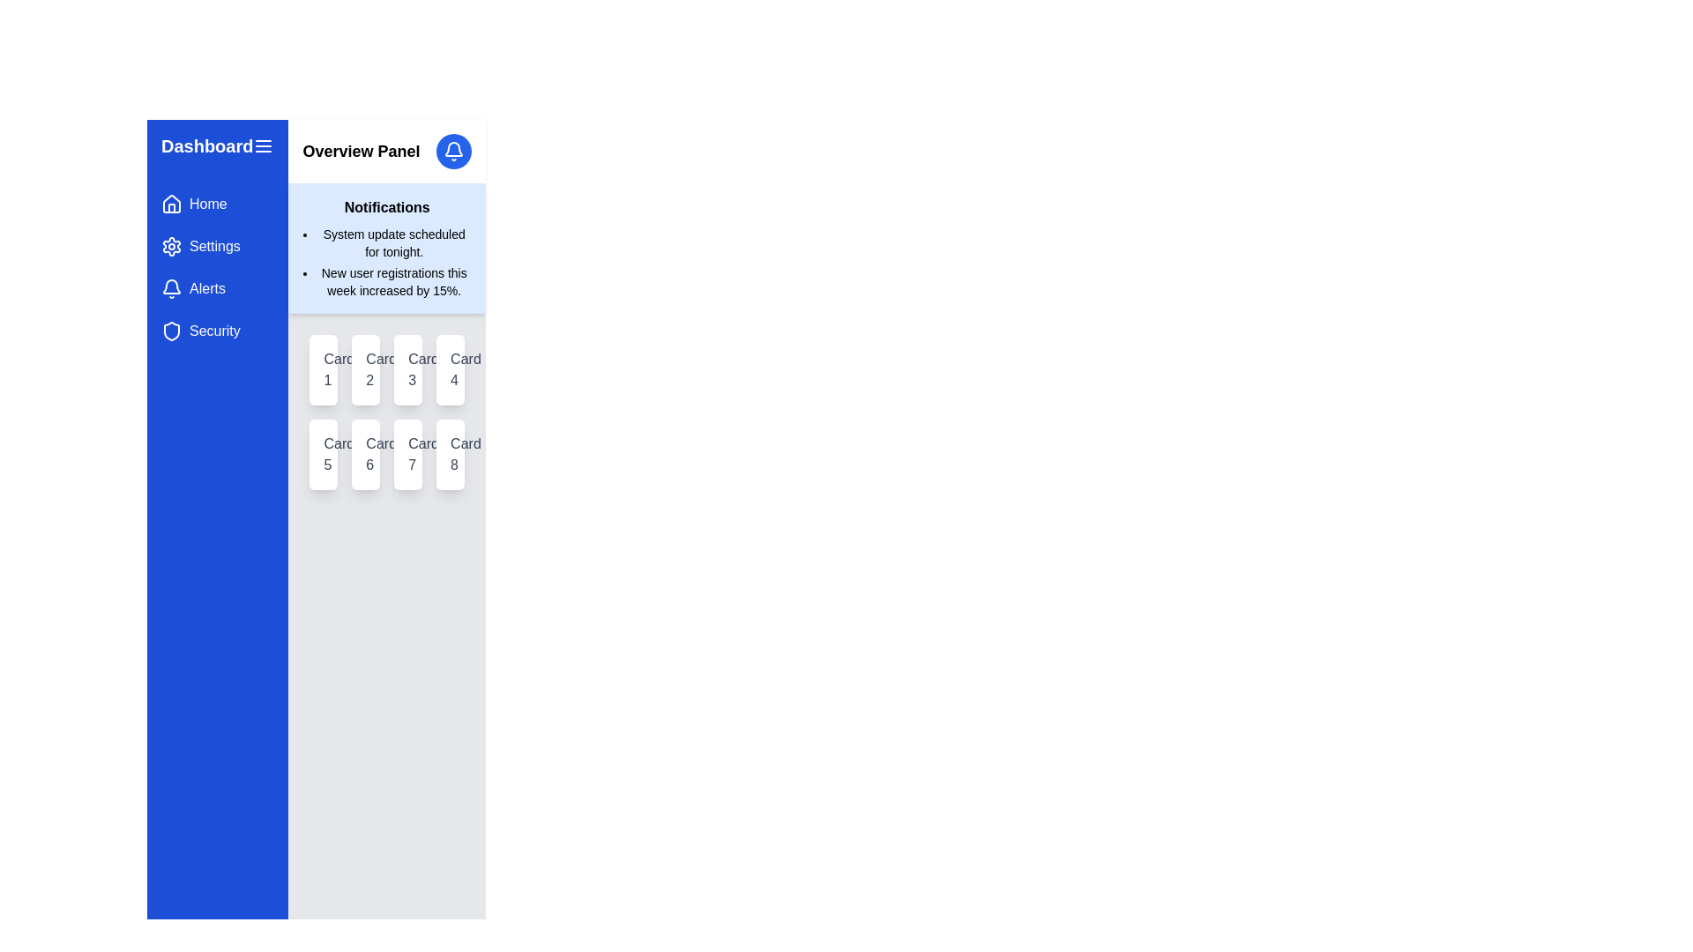 The width and height of the screenshot is (1693, 952). What do you see at coordinates (386, 151) in the screenshot?
I see `the 'Overview Panel' header with an interactive button located at the top of the vertical column on the right segment of the interface, indicating focus` at bounding box center [386, 151].